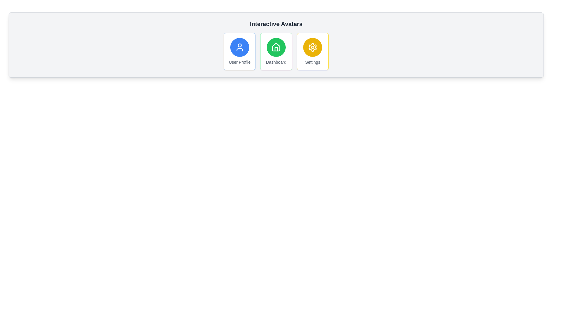  Describe the element at coordinates (239, 47) in the screenshot. I see `the user avatar icon displayed with a blue background and white outline, located in the leftmost card under the 'Interactive Avatars' section` at that location.